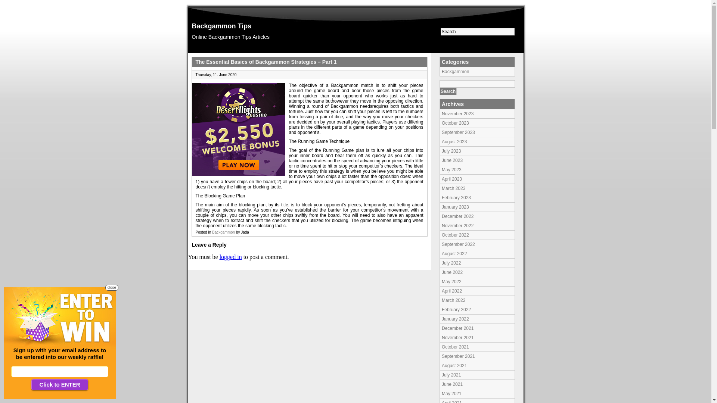 The image size is (717, 403). I want to click on 'May 2021', so click(451, 393).